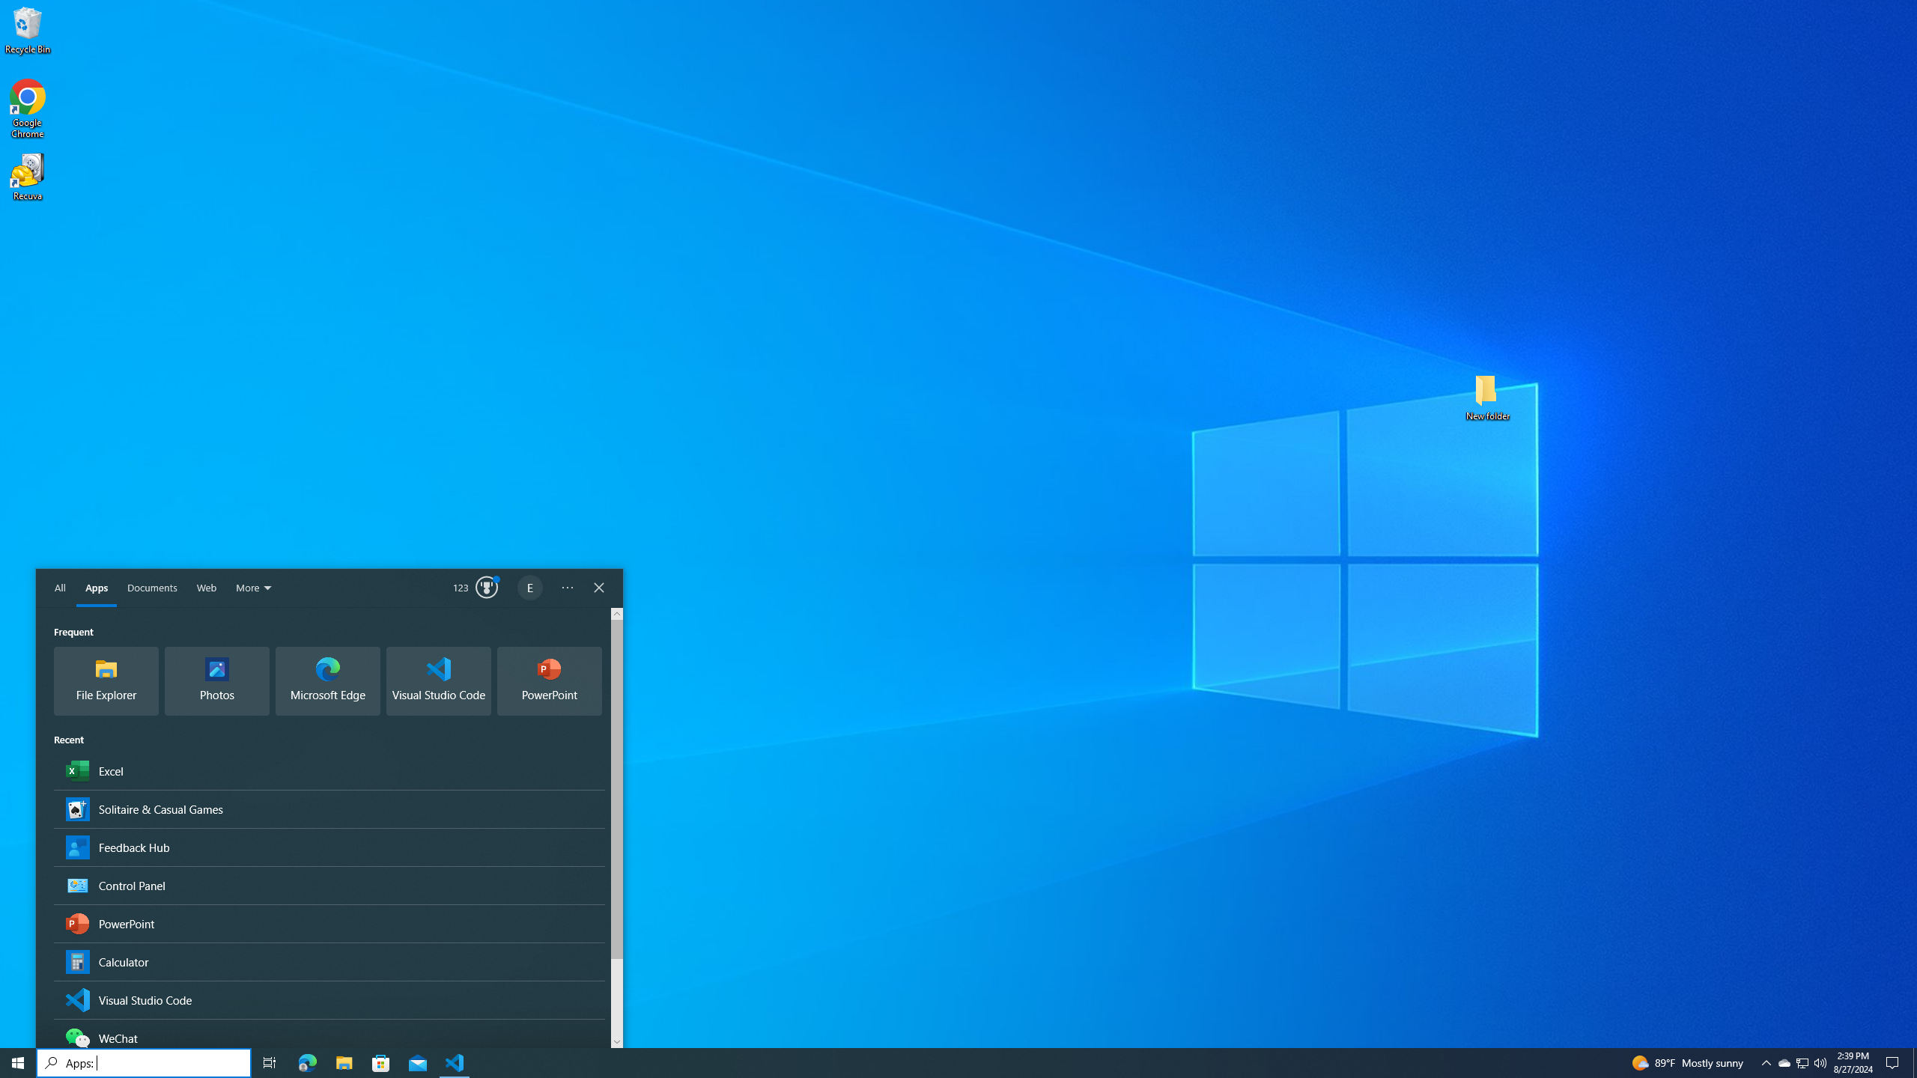  I want to click on 'Calculator, App', so click(329, 960).